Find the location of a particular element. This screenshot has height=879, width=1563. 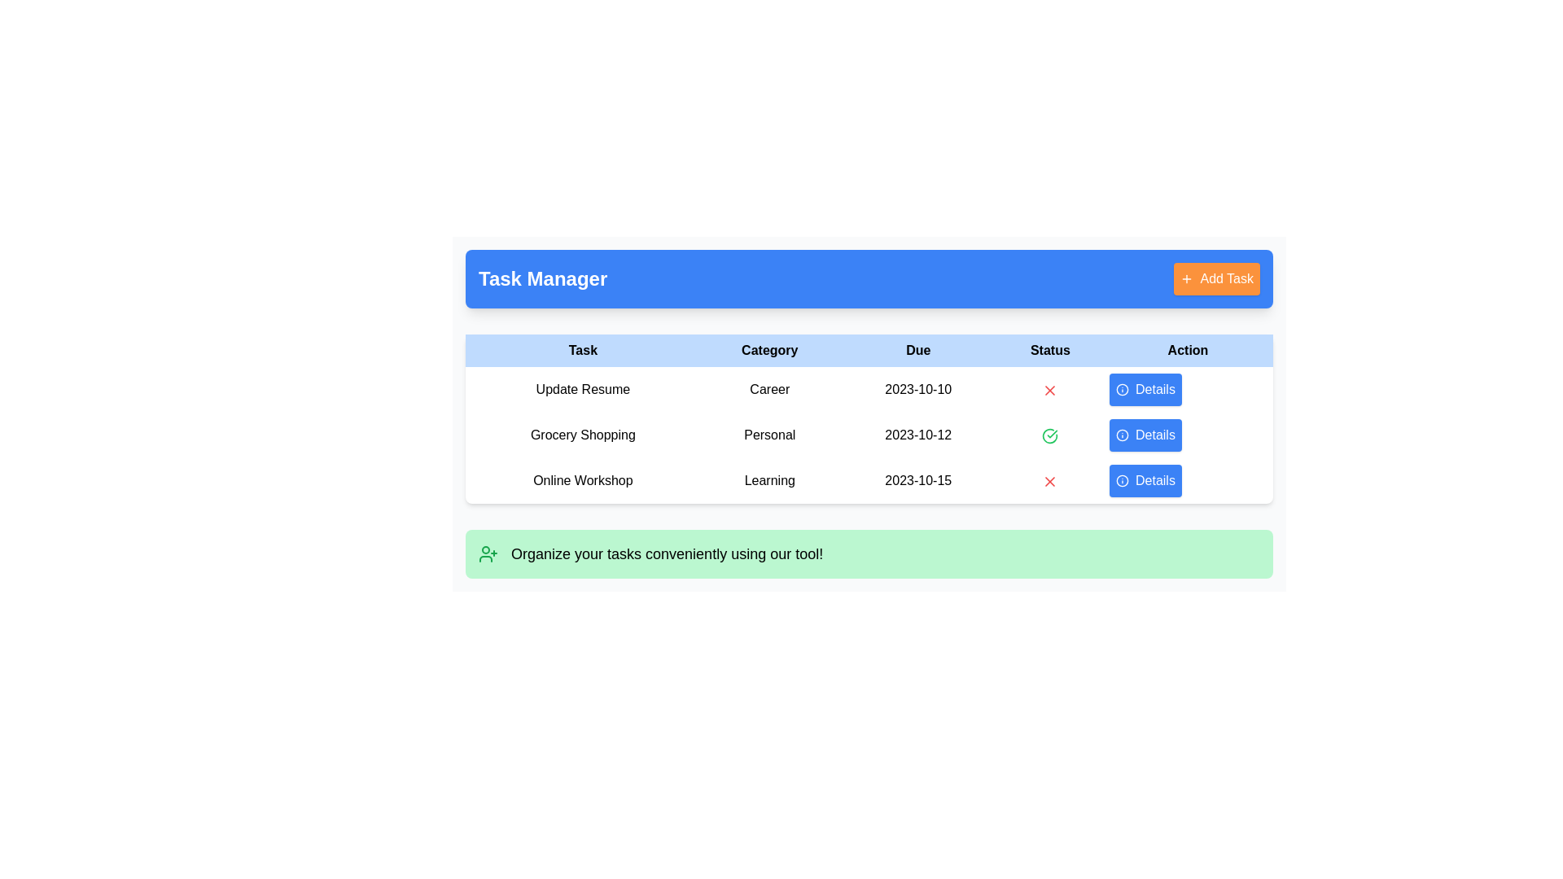

the 'Add Task' button located at the top-right corner of the blue header bar labeled 'Task Manager' is located at coordinates (1217, 278).